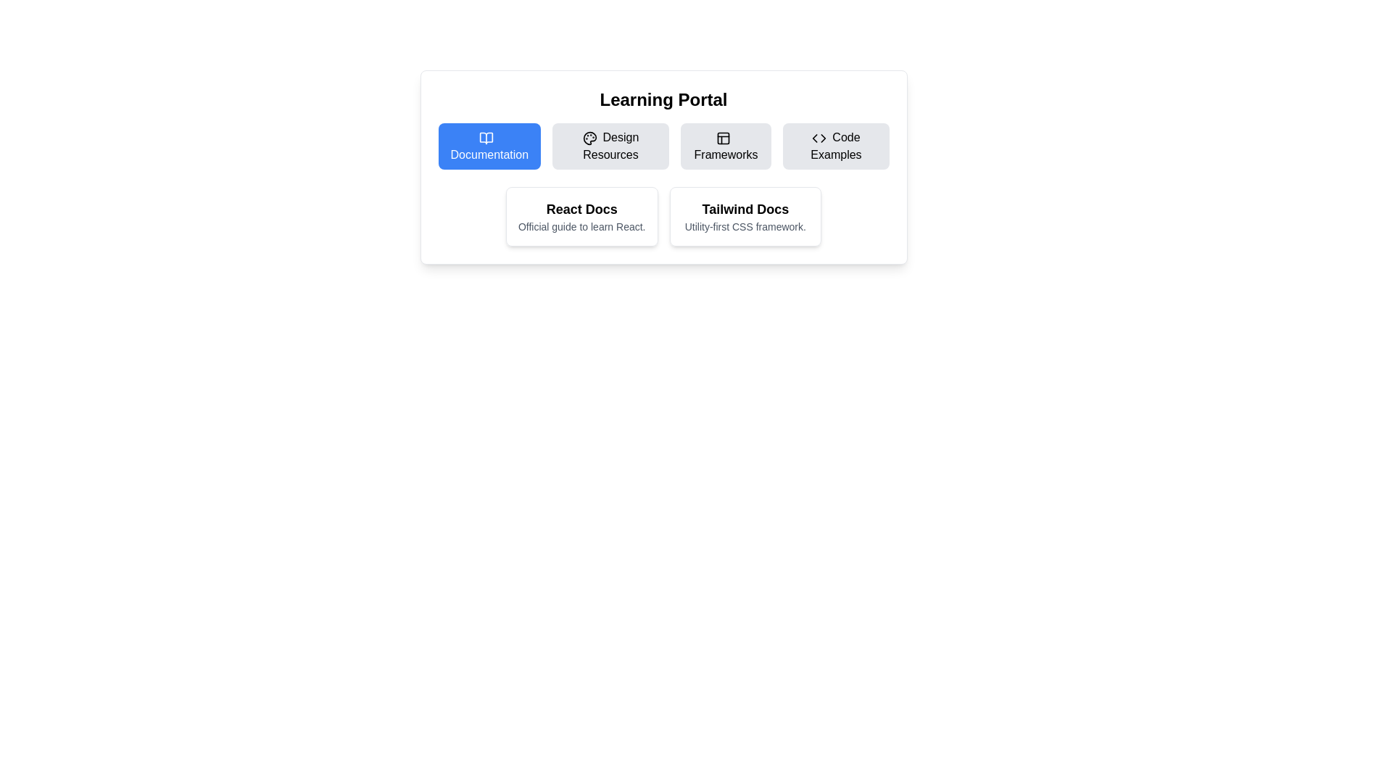 The height and width of the screenshot is (783, 1392). I want to click on the 'Frameworks' button, which is a rounded rectangular button with a gray background and an icon above the label, so click(726, 146).